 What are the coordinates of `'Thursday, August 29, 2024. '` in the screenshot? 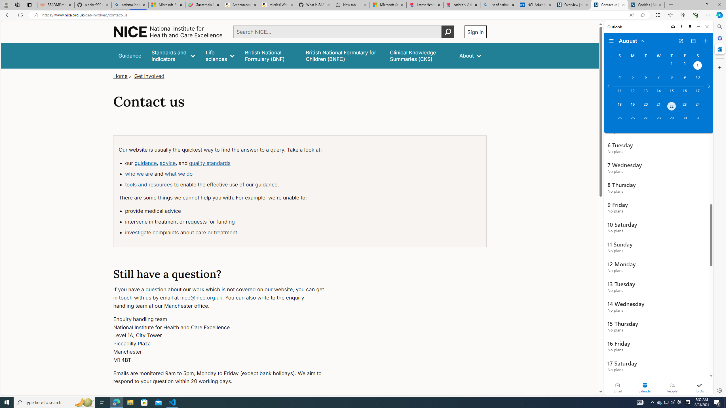 It's located at (672, 120).